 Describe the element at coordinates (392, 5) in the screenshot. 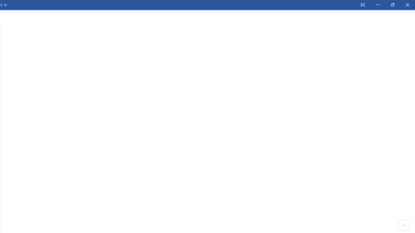

I see `'Restore Down'` at that location.